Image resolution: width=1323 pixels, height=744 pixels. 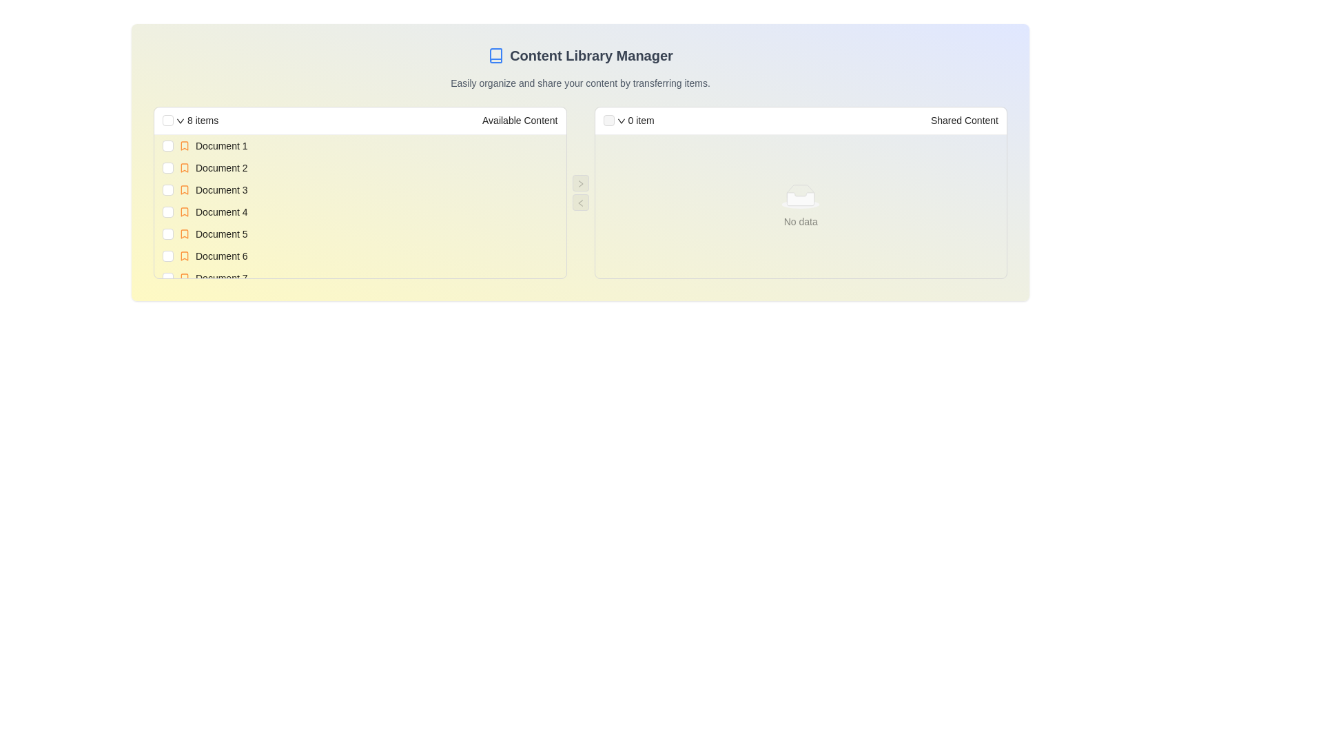 I want to click on the bookmark icon that represents 'Document 2', which is styled with a thin orange stroke and is the second icon in the vertical list under 'Available Content', so click(x=184, y=167).